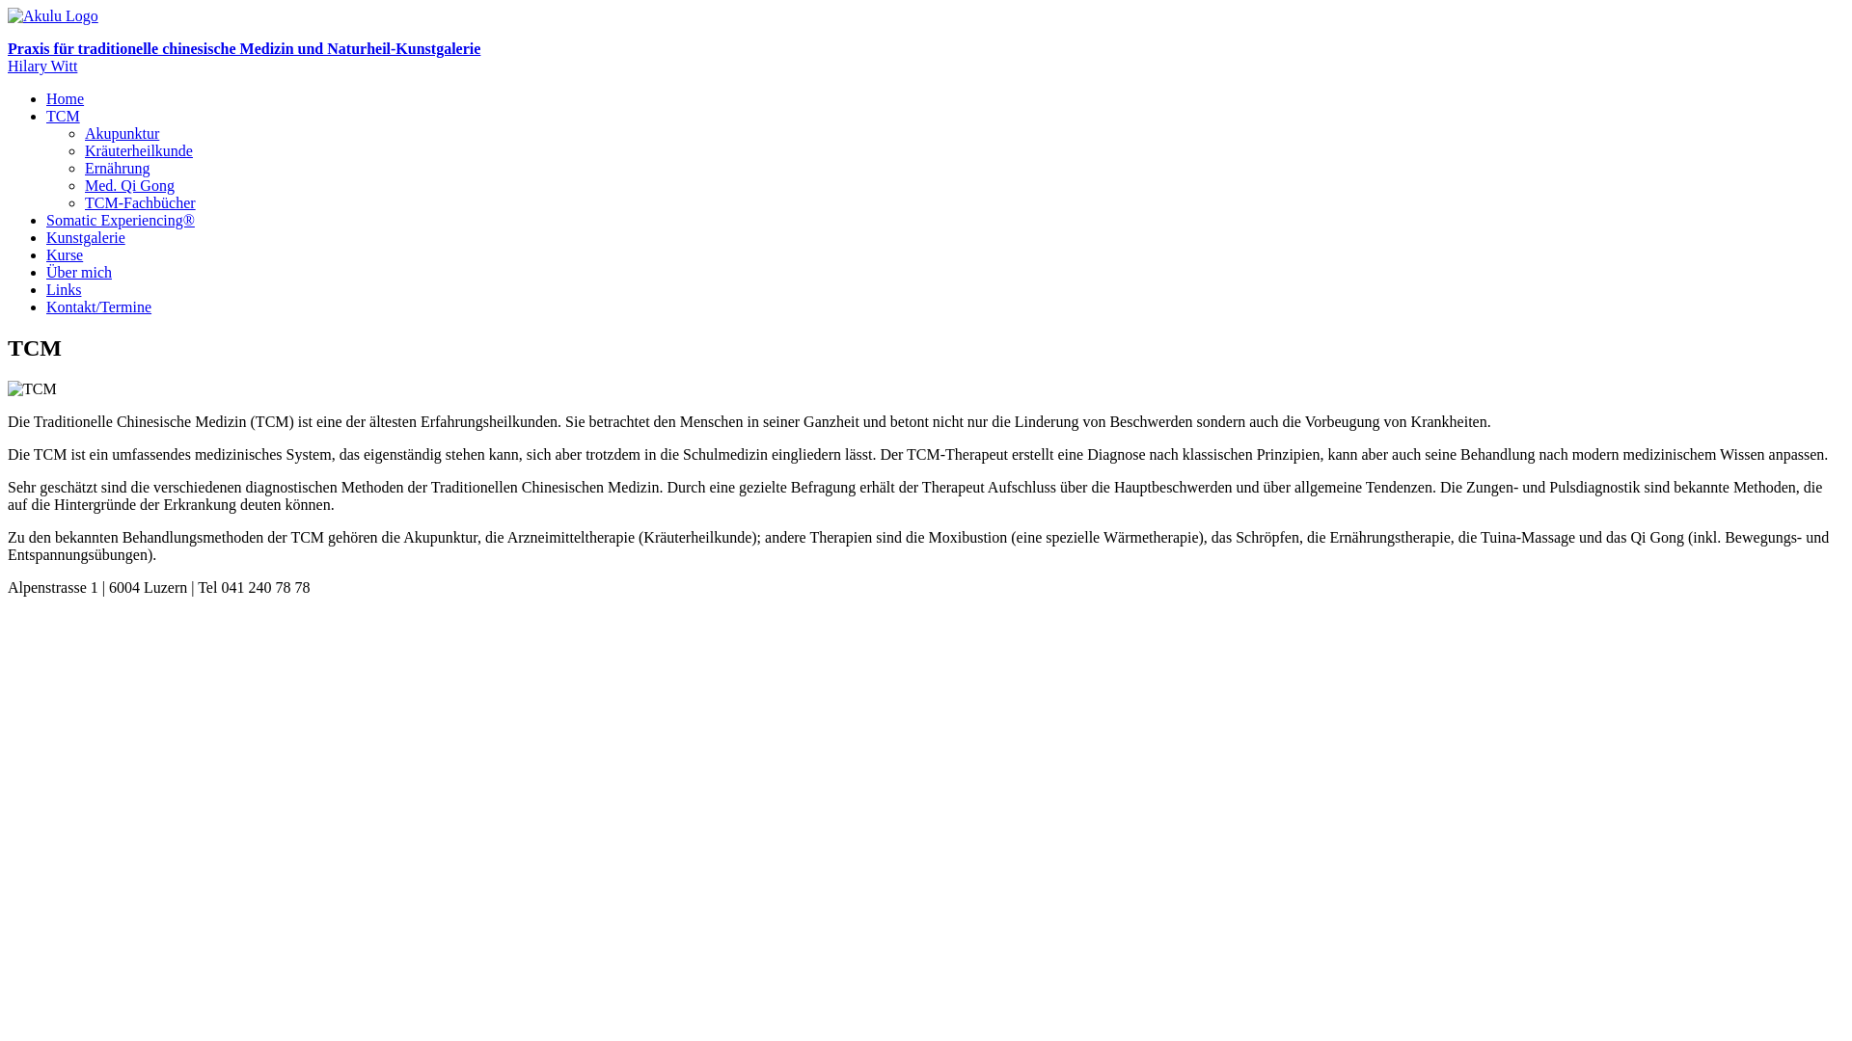  Describe the element at coordinates (65, 254) in the screenshot. I see `'Kurse'` at that location.